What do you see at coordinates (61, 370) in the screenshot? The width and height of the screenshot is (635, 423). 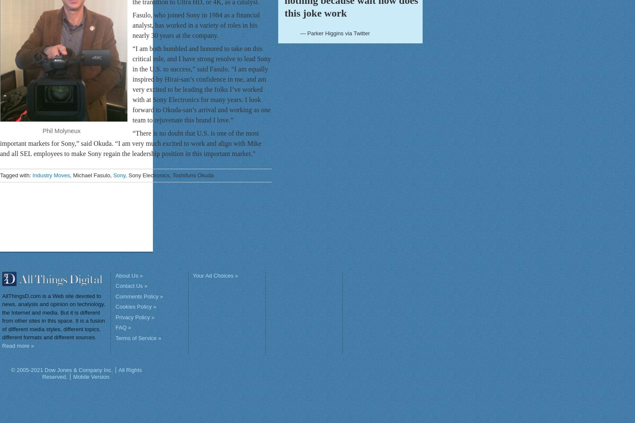 I see `'© 2005-2021 Dow Jones & Company Inc.'` at bounding box center [61, 370].